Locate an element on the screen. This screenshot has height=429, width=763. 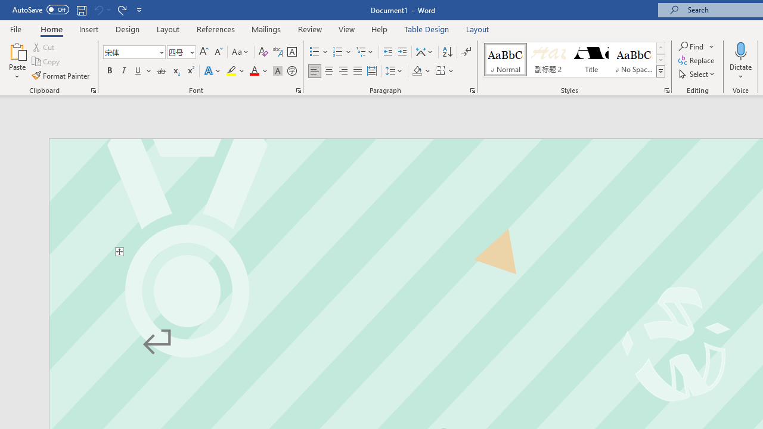
'View' is located at coordinates (346, 29).